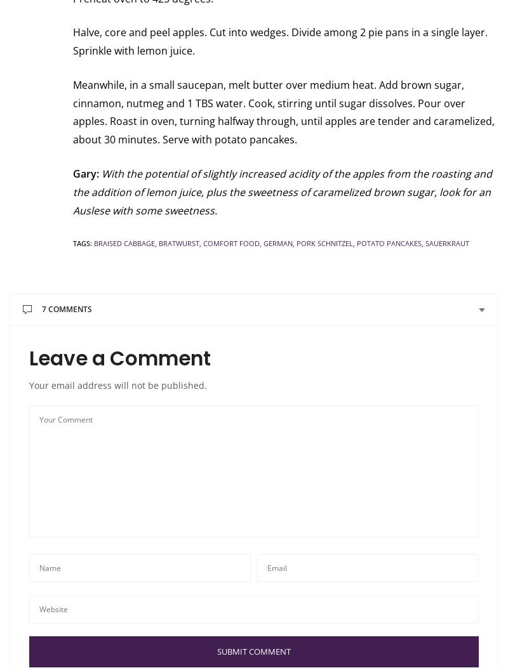 This screenshot has width=508, height=668. What do you see at coordinates (117, 385) in the screenshot?
I see `'Your email address will not be published.'` at bounding box center [117, 385].